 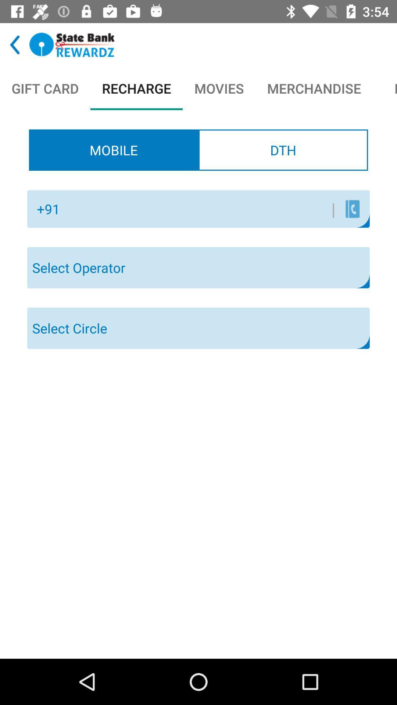 What do you see at coordinates (283, 149) in the screenshot?
I see `dth item` at bounding box center [283, 149].